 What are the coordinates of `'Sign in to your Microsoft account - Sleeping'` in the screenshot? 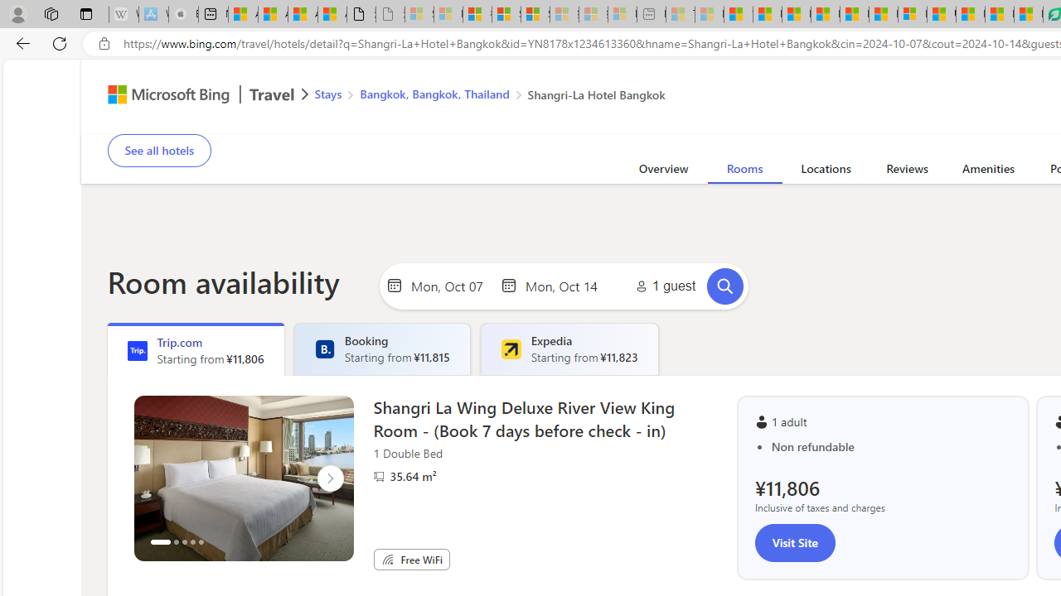 It's located at (419, 14).